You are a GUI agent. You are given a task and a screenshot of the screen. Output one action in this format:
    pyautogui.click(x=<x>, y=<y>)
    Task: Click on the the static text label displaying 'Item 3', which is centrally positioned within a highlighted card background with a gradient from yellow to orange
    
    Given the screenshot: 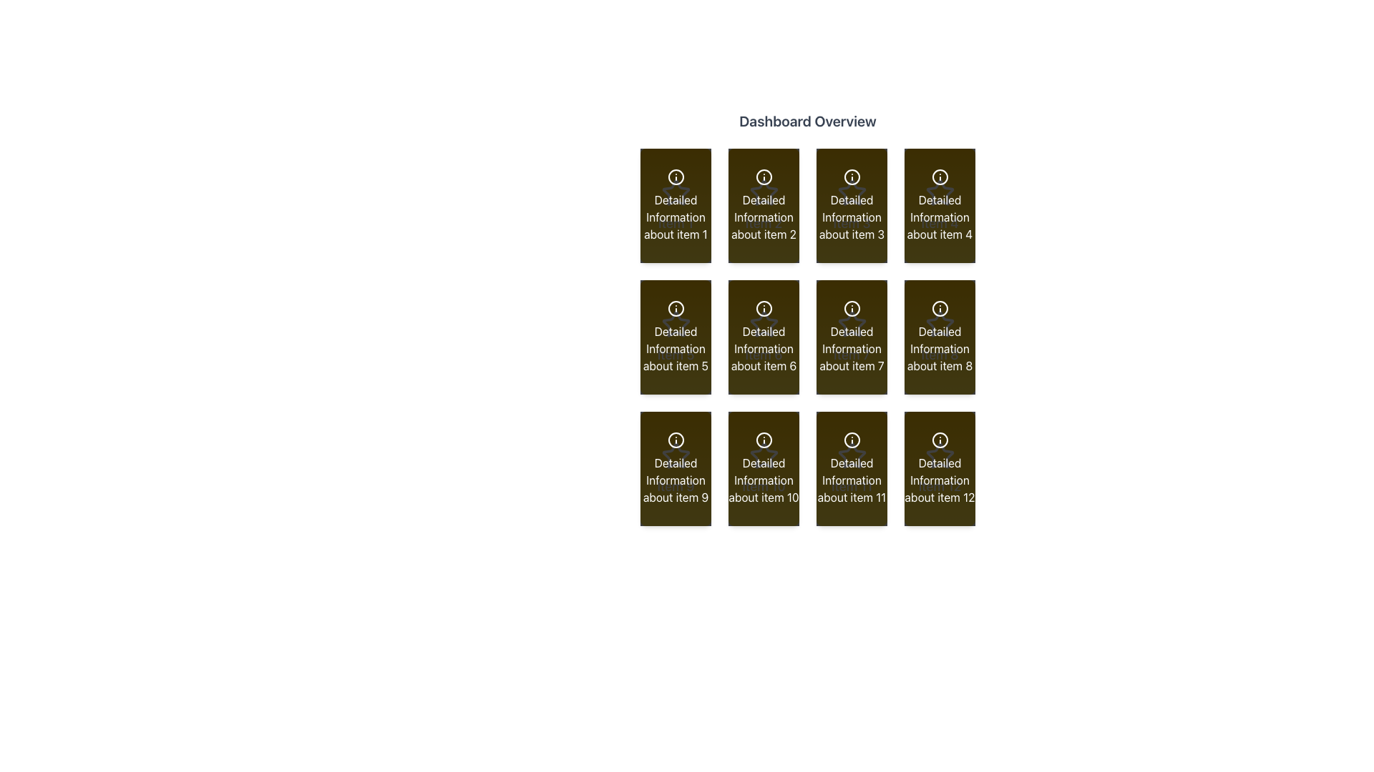 What is the action you would take?
    pyautogui.click(x=852, y=223)
    